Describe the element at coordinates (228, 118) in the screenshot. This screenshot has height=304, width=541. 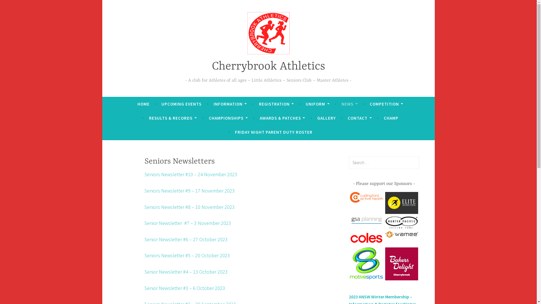
I see `'CHAMPIONSHIPS'` at that location.